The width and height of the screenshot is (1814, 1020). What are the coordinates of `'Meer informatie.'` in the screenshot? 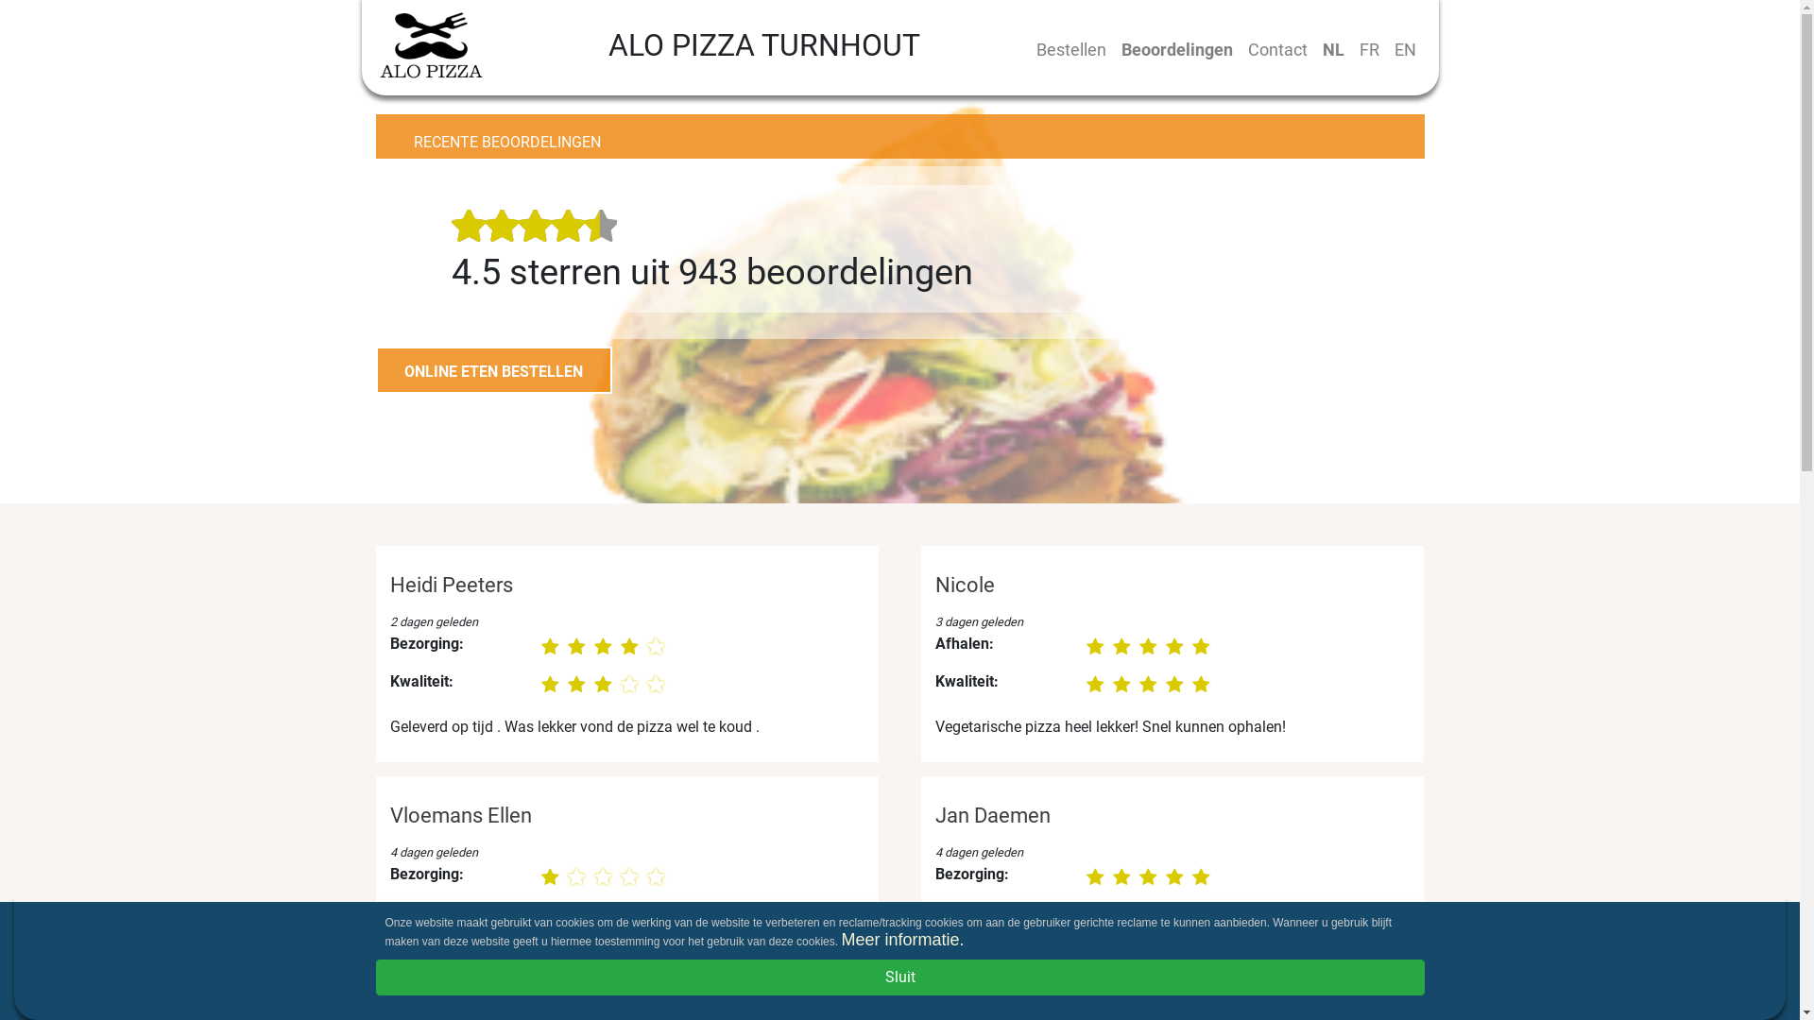 It's located at (839, 940).